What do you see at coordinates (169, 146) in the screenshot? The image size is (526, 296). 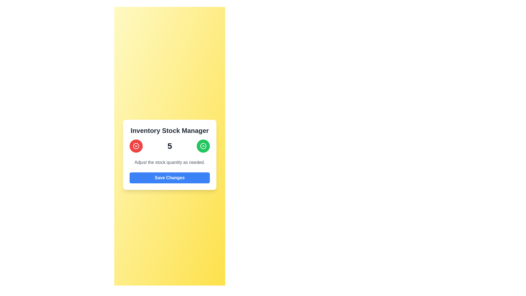 I see `the numeric display showing the current stock quantity, which is represented by the number '5' in the Inventory Stock Manager card` at bounding box center [169, 146].